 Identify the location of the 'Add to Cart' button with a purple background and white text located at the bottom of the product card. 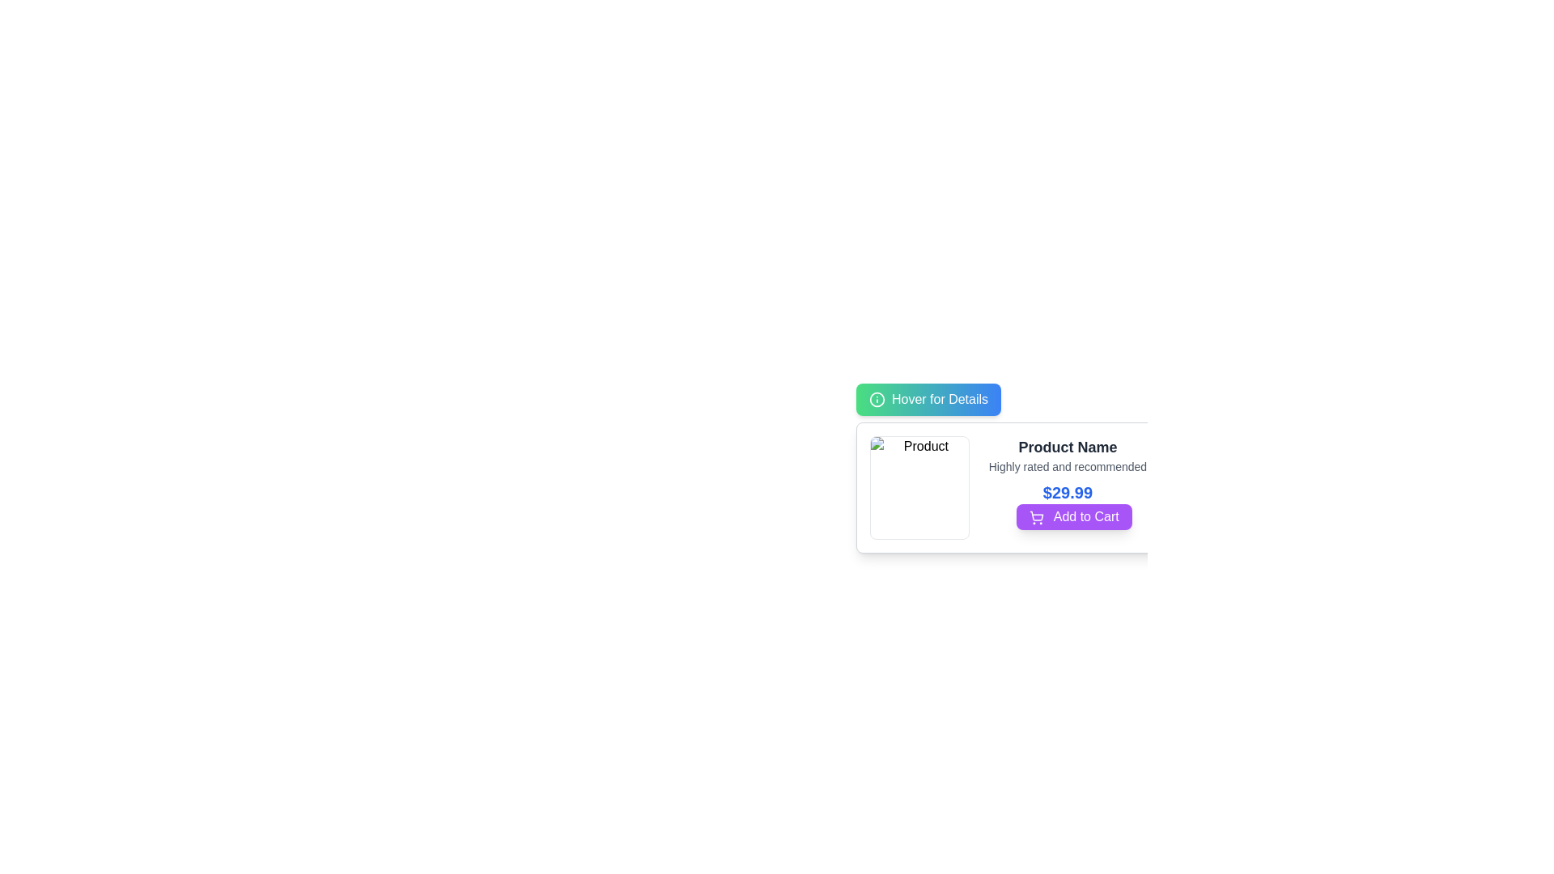
(1074, 517).